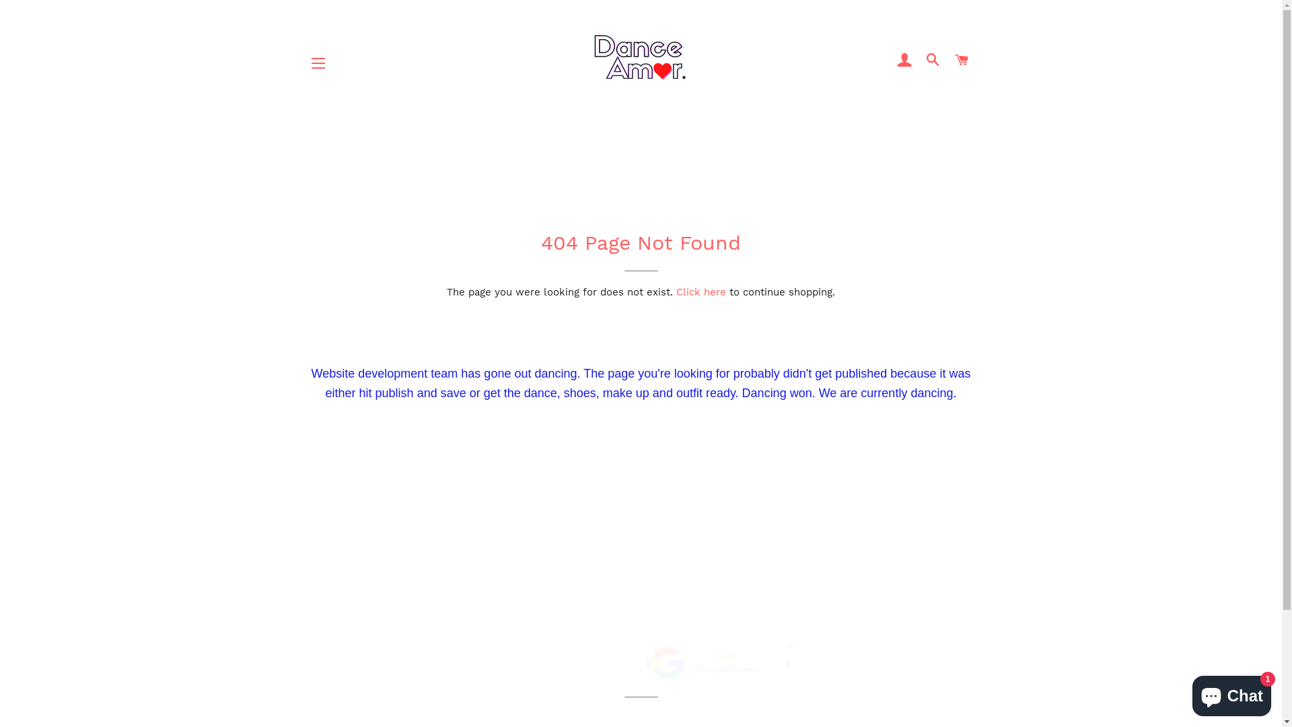 The height and width of the screenshot is (727, 1292). I want to click on 'Shopify online store chat', so click(1188, 693).